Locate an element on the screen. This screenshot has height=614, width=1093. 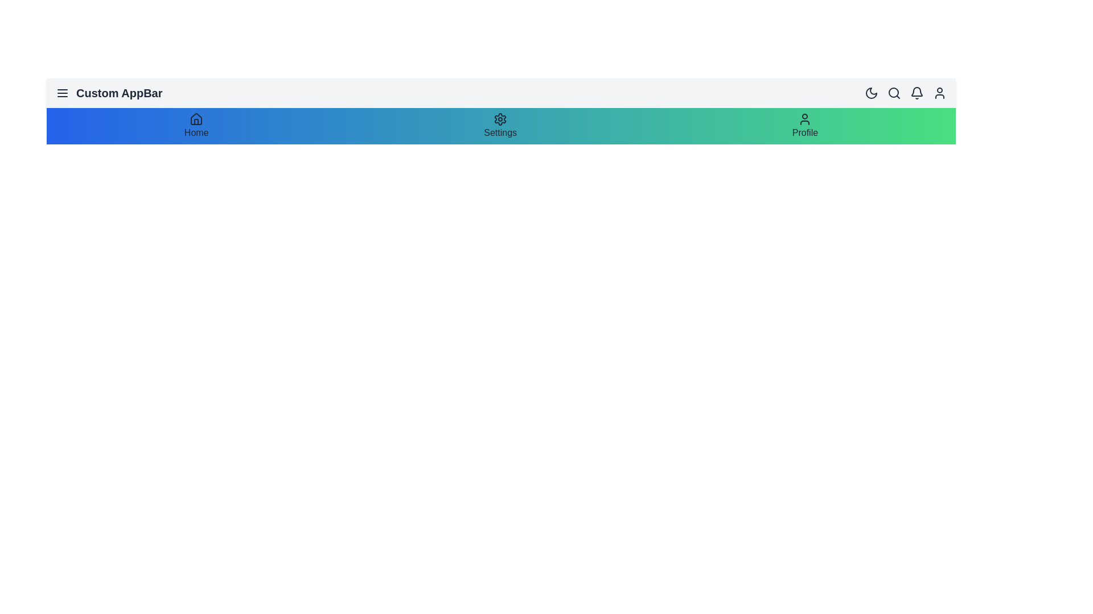
the dark mode toggle button located in the top-right corner of the app bar is located at coordinates (871, 93).